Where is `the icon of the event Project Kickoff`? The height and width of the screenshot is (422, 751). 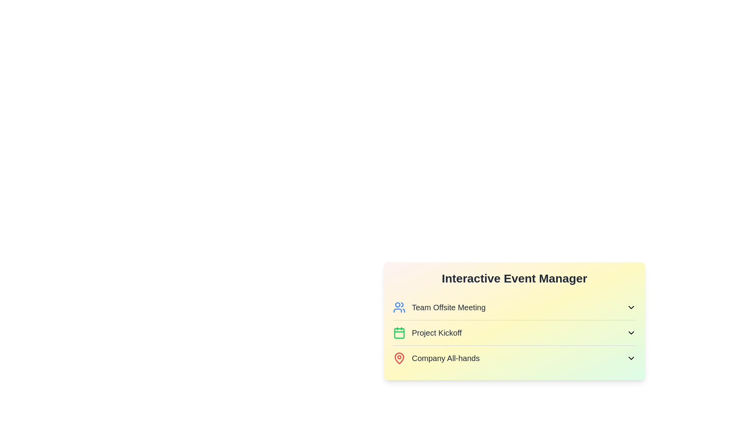
the icon of the event Project Kickoff is located at coordinates (399, 333).